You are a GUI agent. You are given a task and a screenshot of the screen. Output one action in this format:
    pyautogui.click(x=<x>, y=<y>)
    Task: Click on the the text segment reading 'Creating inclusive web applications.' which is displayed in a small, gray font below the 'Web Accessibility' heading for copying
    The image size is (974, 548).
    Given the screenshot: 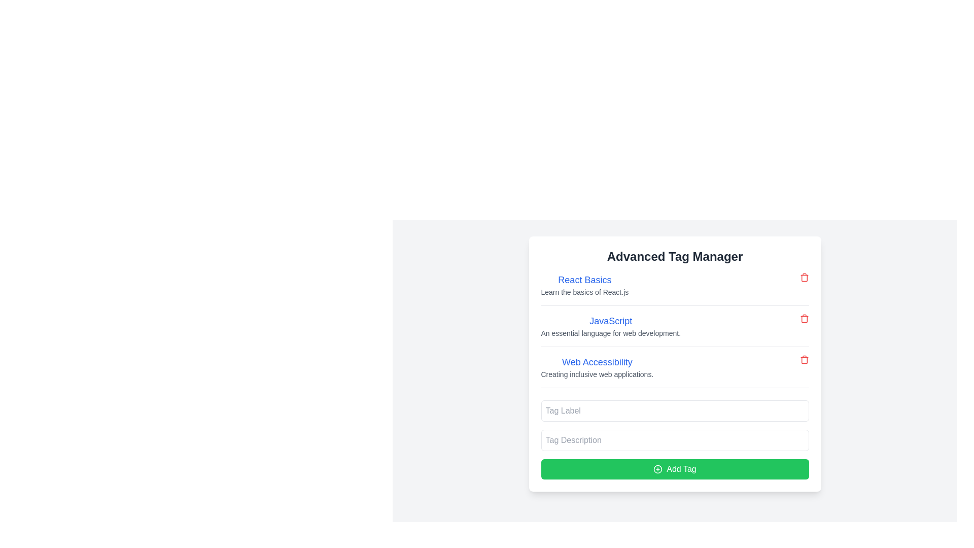 What is the action you would take?
    pyautogui.click(x=597, y=374)
    